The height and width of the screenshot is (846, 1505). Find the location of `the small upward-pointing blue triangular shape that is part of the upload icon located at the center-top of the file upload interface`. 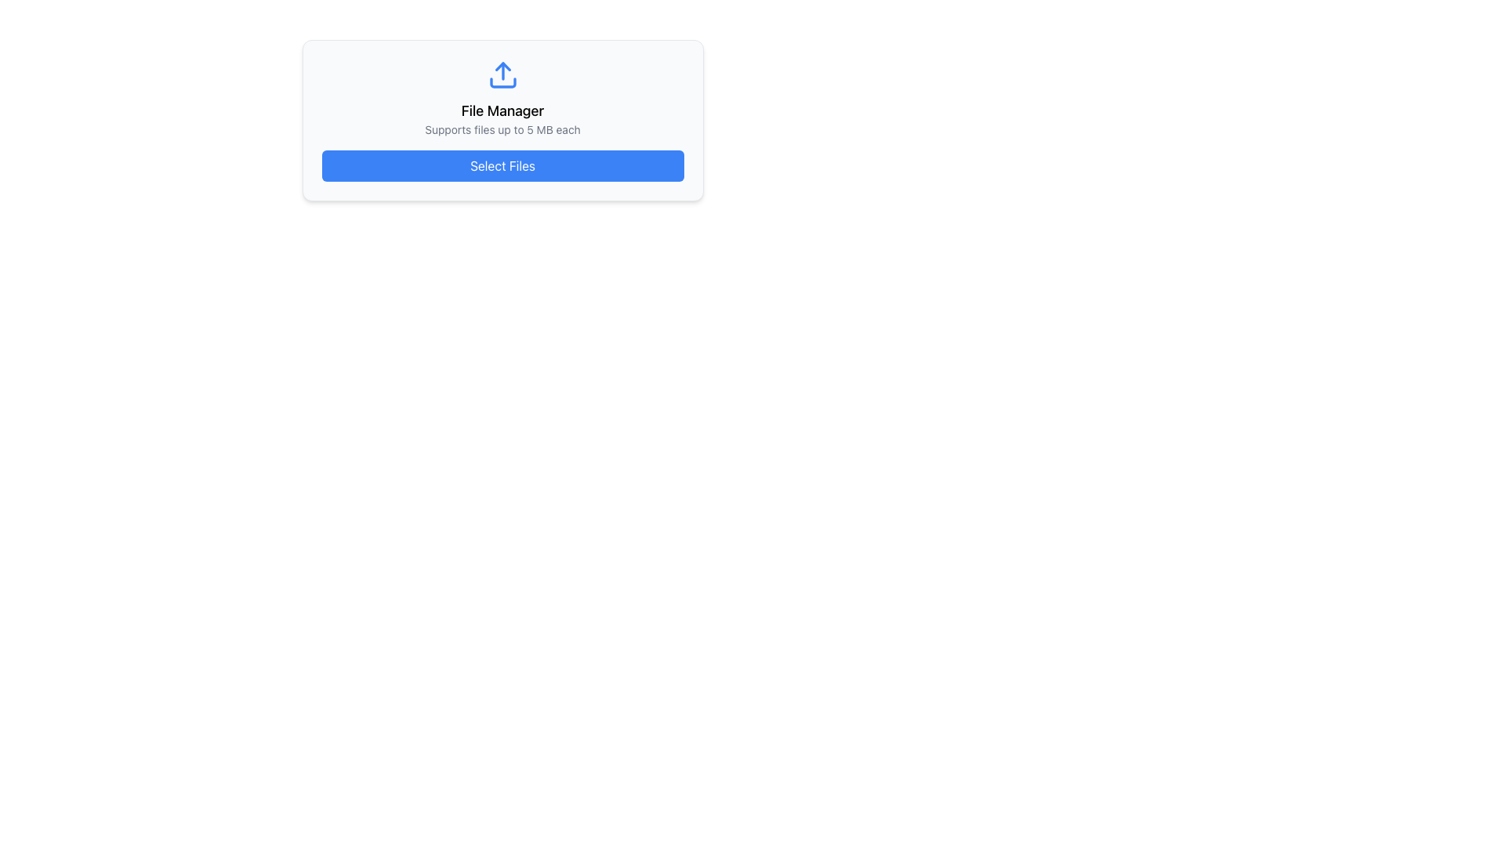

the small upward-pointing blue triangular shape that is part of the upload icon located at the center-top of the file upload interface is located at coordinates (502, 66).